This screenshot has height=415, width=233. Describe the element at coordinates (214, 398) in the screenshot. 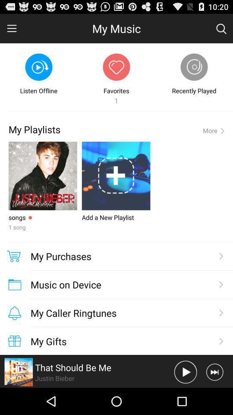

I see `the skip_next icon` at that location.